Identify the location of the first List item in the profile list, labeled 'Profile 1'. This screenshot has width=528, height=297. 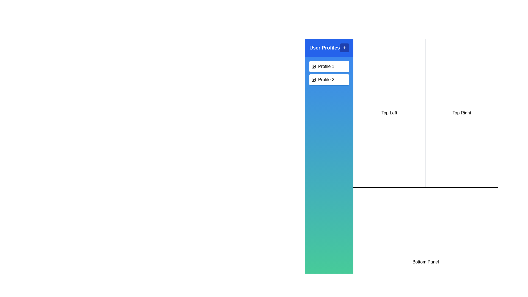
(329, 66).